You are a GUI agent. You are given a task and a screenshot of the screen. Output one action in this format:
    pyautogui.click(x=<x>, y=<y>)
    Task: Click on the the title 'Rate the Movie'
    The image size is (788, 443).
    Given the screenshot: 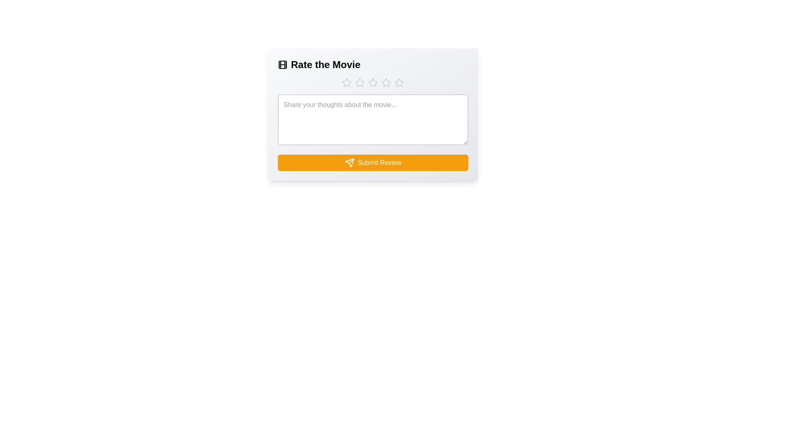 What is the action you would take?
    pyautogui.click(x=372, y=64)
    